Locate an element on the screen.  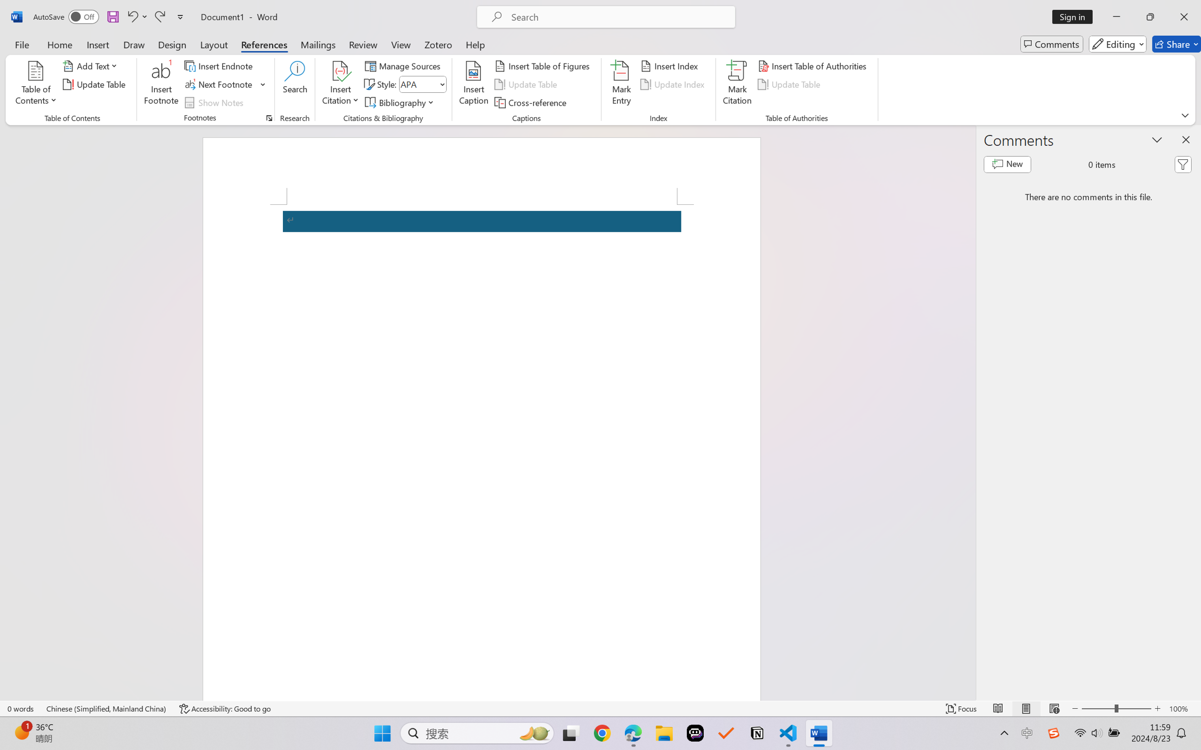
'Filter' is located at coordinates (1183, 164).